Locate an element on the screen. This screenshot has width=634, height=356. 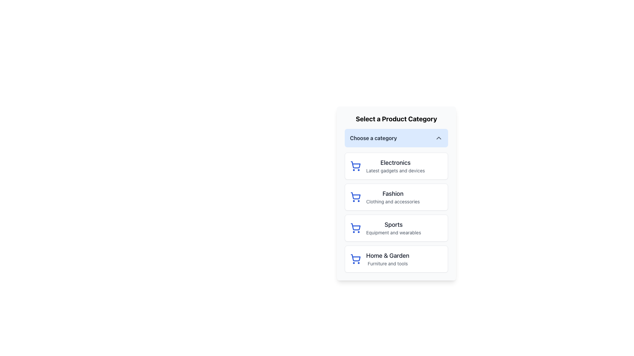
the fourth category option in the 'Select a Product Category' list is located at coordinates (396, 259).